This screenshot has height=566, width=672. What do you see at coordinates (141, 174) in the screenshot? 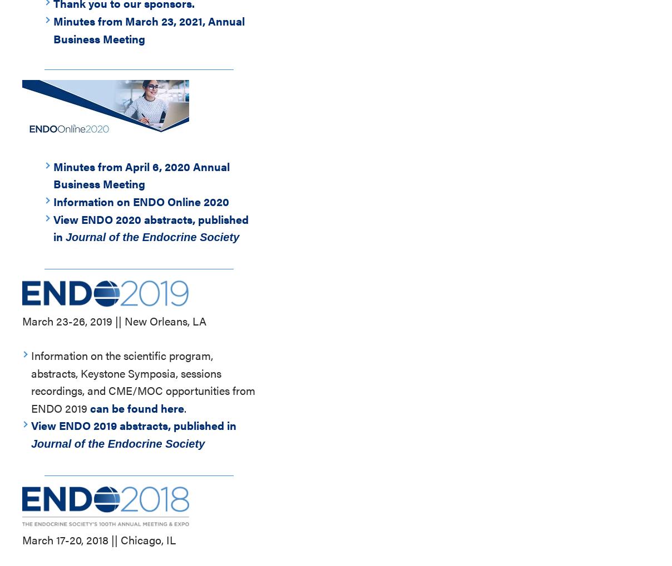
I see `'Minutes from April 6, 2020 Annual Business Meeting'` at bounding box center [141, 174].